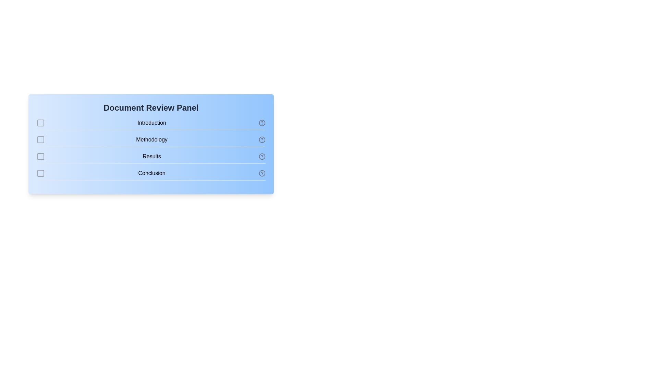  What do you see at coordinates (40, 139) in the screenshot?
I see `the section Methodology` at bounding box center [40, 139].